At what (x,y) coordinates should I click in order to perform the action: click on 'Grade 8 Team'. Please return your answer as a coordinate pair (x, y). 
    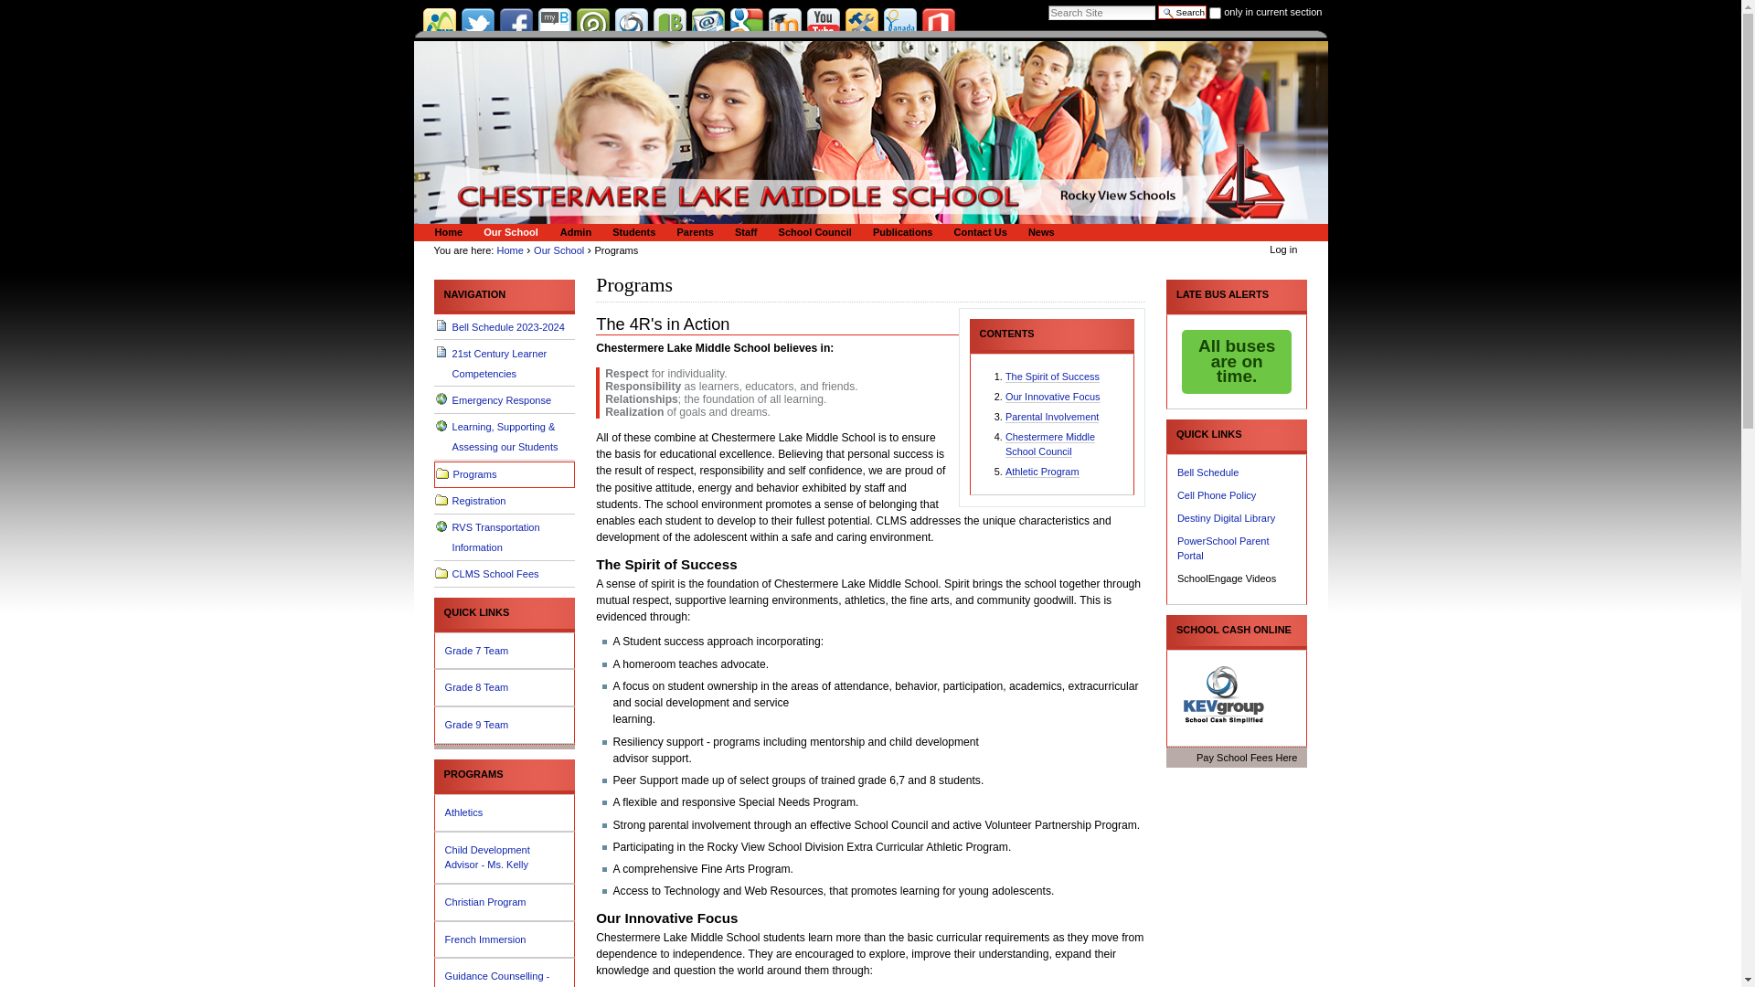
    Looking at the image, I should click on (505, 687).